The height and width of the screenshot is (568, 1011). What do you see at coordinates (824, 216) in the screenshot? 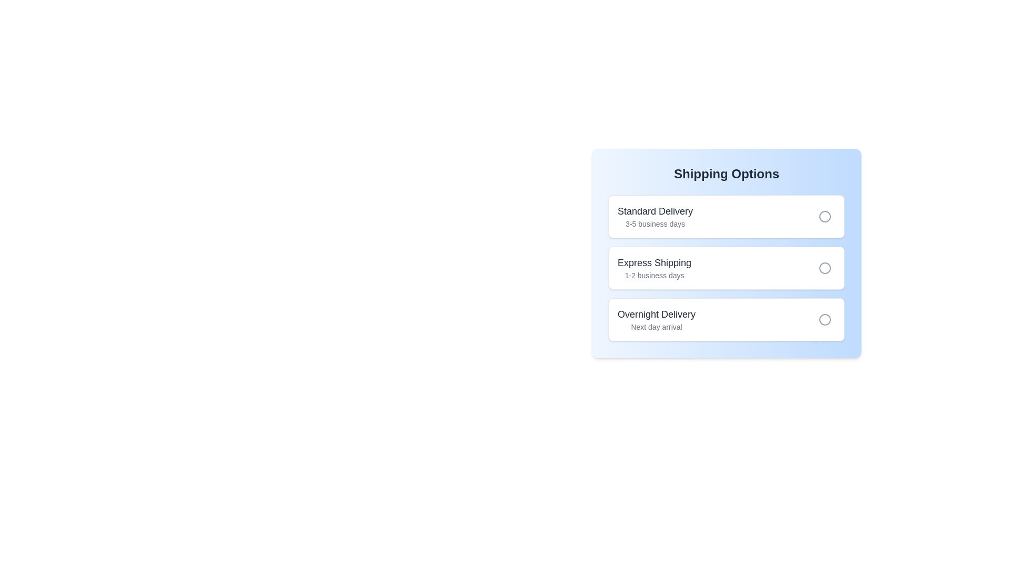
I see `the radio button` at bounding box center [824, 216].